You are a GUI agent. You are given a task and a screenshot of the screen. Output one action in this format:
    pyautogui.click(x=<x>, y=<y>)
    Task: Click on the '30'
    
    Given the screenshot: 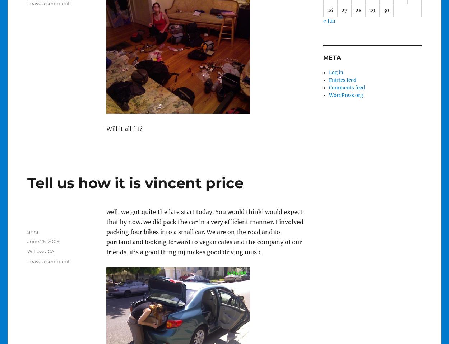 What is the action you would take?
    pyautogui.click(x=386, y=10)
    